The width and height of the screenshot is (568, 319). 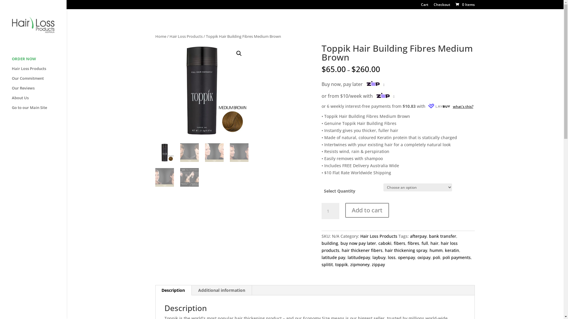 What do you see at coordinates (442, 6) in the screenshot?
I see `'Checkout'` at bounding box center [442, 6].